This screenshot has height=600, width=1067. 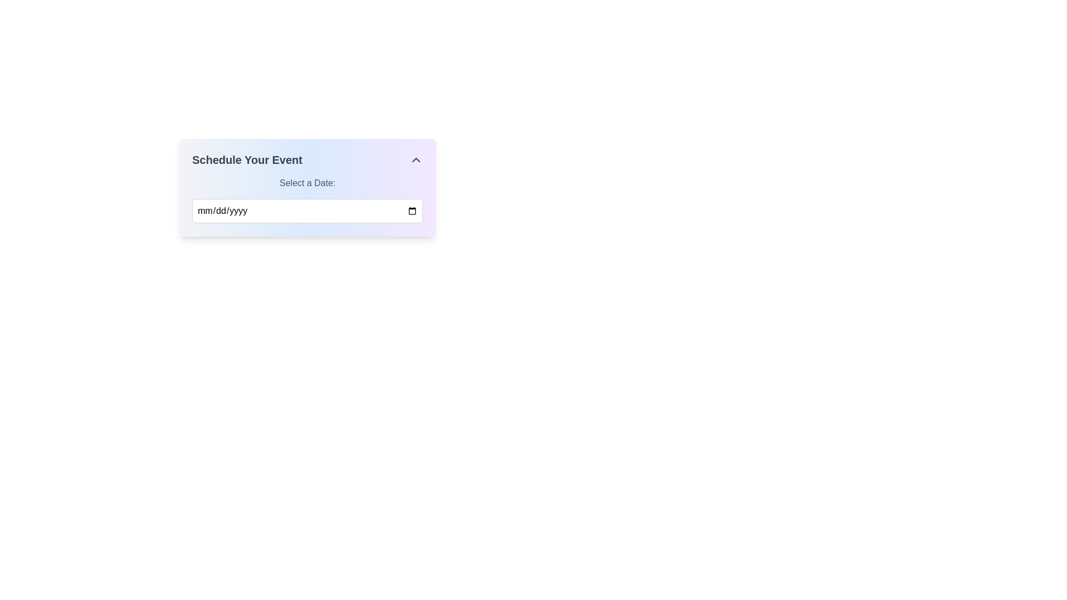 What do you see at coordinates (247, 160) in the screenshot?
I see `the text label displaying 'Schedule Your Event', which is a bold, large, dark gray header located at the top left corner of the scheduling interface` at bounding box center [247, 160].